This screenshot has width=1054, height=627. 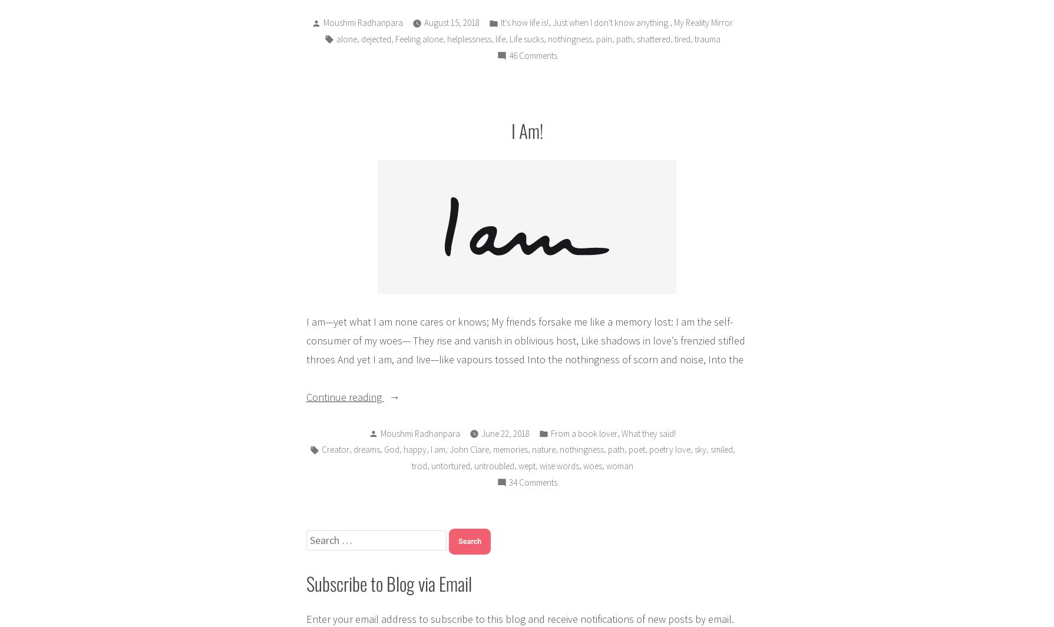 I want to click on 'poetry love', so click(x=647, y=449).